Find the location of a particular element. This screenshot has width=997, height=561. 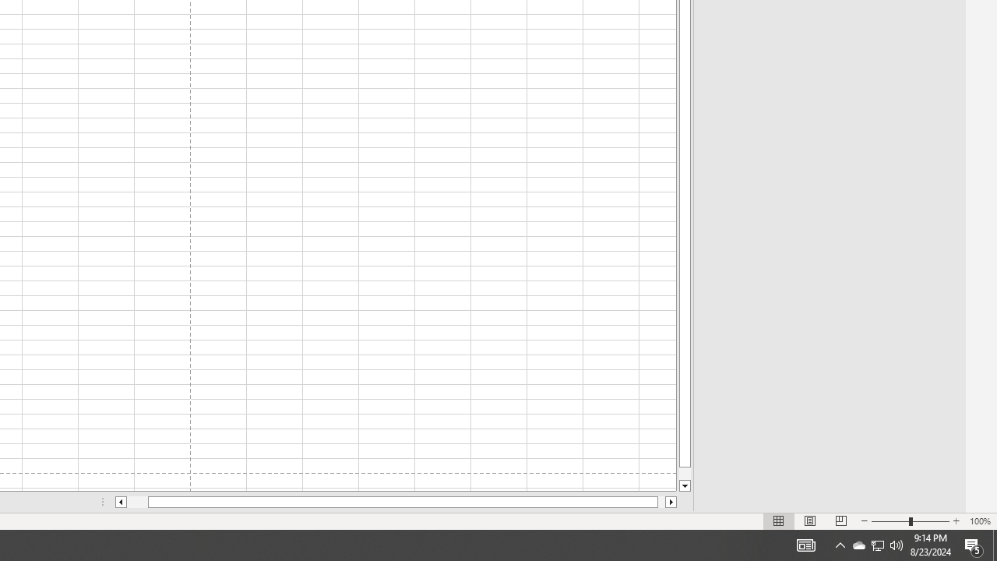

'Page Break Preview' is located at coordinates (840, 521).